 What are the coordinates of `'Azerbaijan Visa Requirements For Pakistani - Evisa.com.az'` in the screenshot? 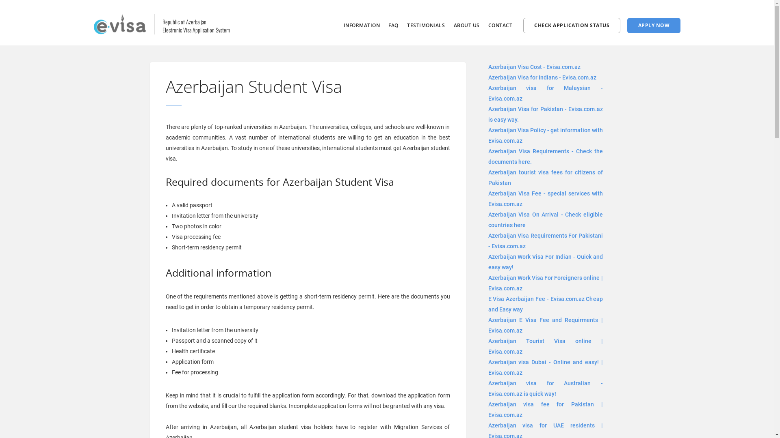 It's located at (546, 240).